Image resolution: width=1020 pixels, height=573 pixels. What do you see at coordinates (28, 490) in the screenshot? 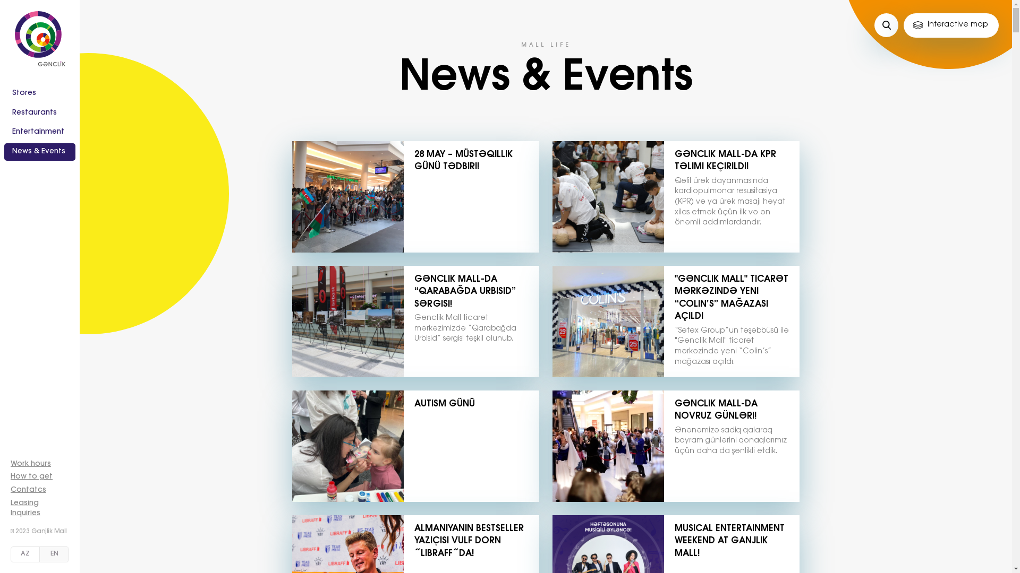
I see `'Contatcs'` at bounding box center [28, 490].